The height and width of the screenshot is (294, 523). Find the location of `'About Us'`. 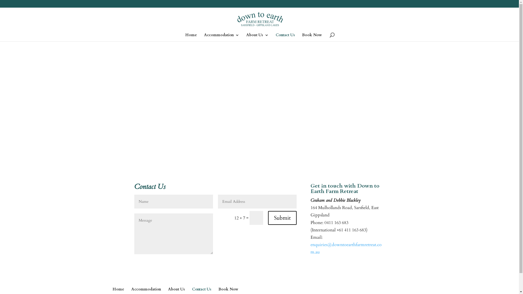

'About Us' is located at coordinates (176, 289).